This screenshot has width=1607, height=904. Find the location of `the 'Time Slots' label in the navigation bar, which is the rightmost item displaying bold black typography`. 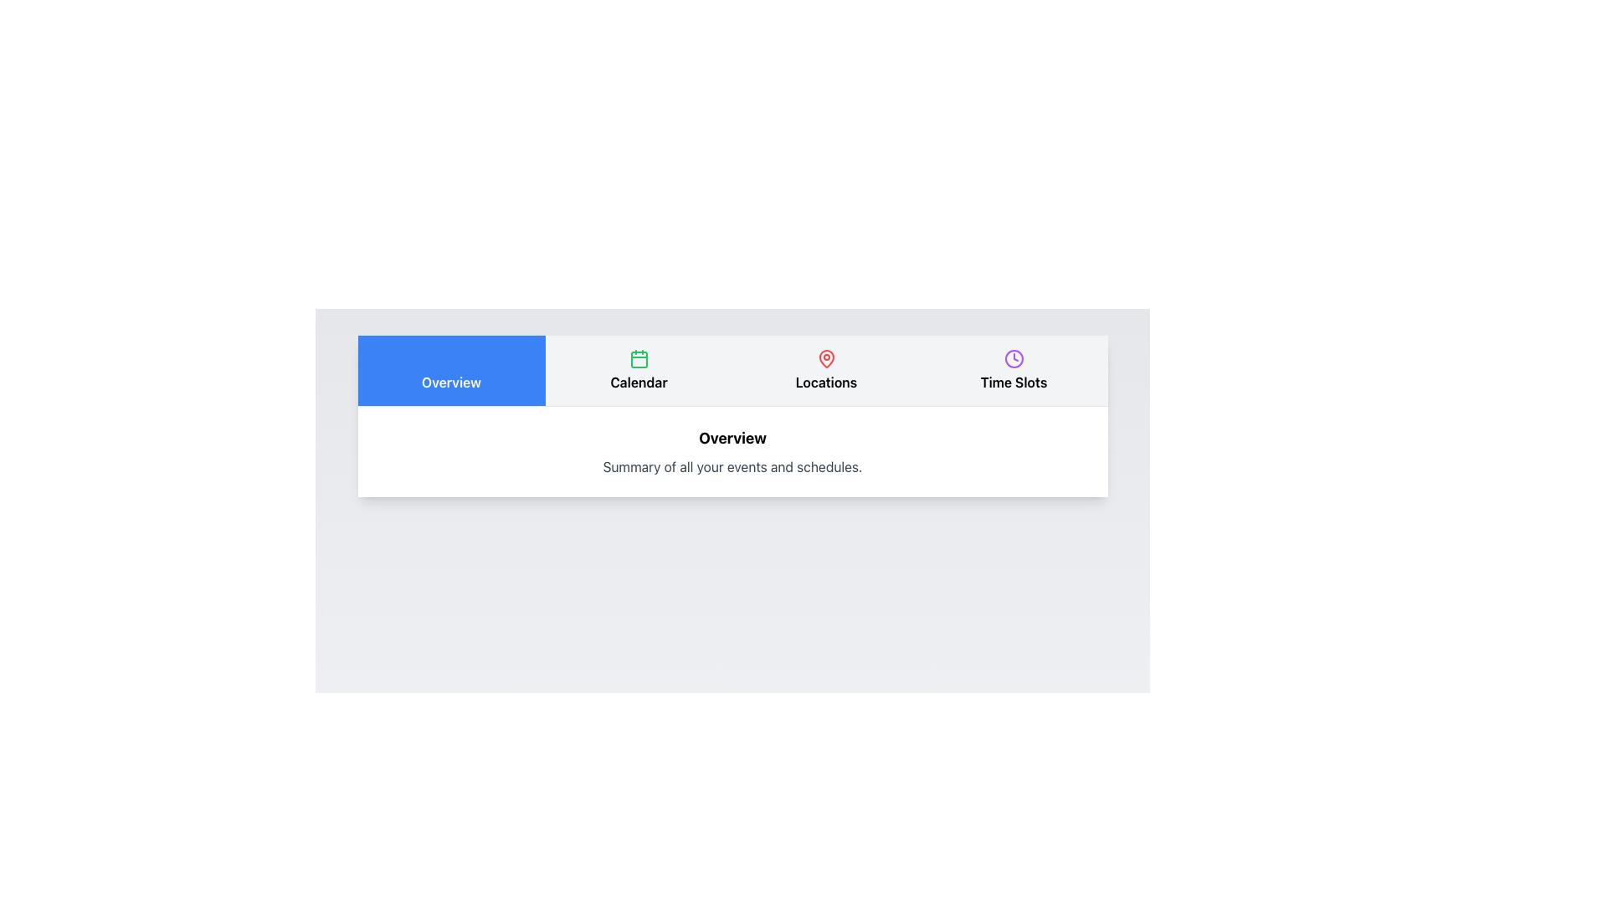

the 'Time Slots' label in the navigation bar, which is the rightmost item displaying bold black typography is located at coordinates (1013, 382).